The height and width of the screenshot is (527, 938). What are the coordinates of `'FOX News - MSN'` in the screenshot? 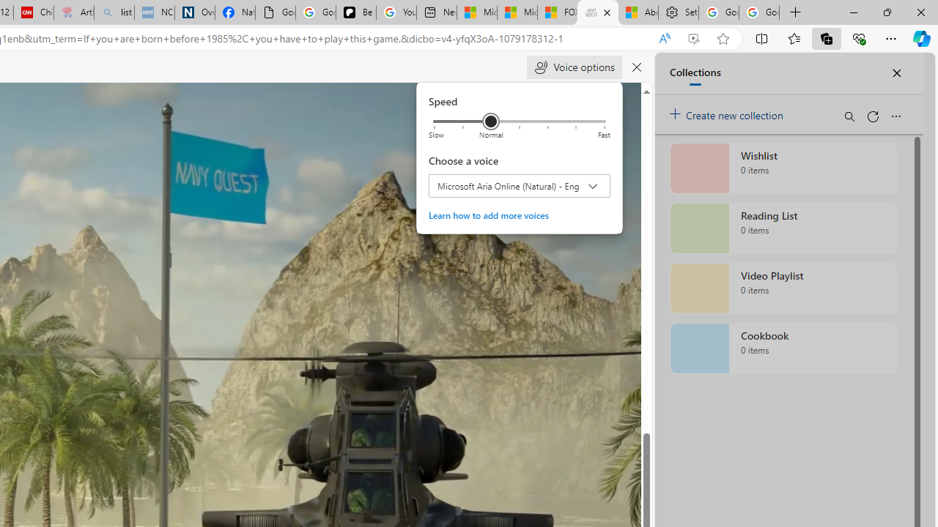 It's located at (556, 12).